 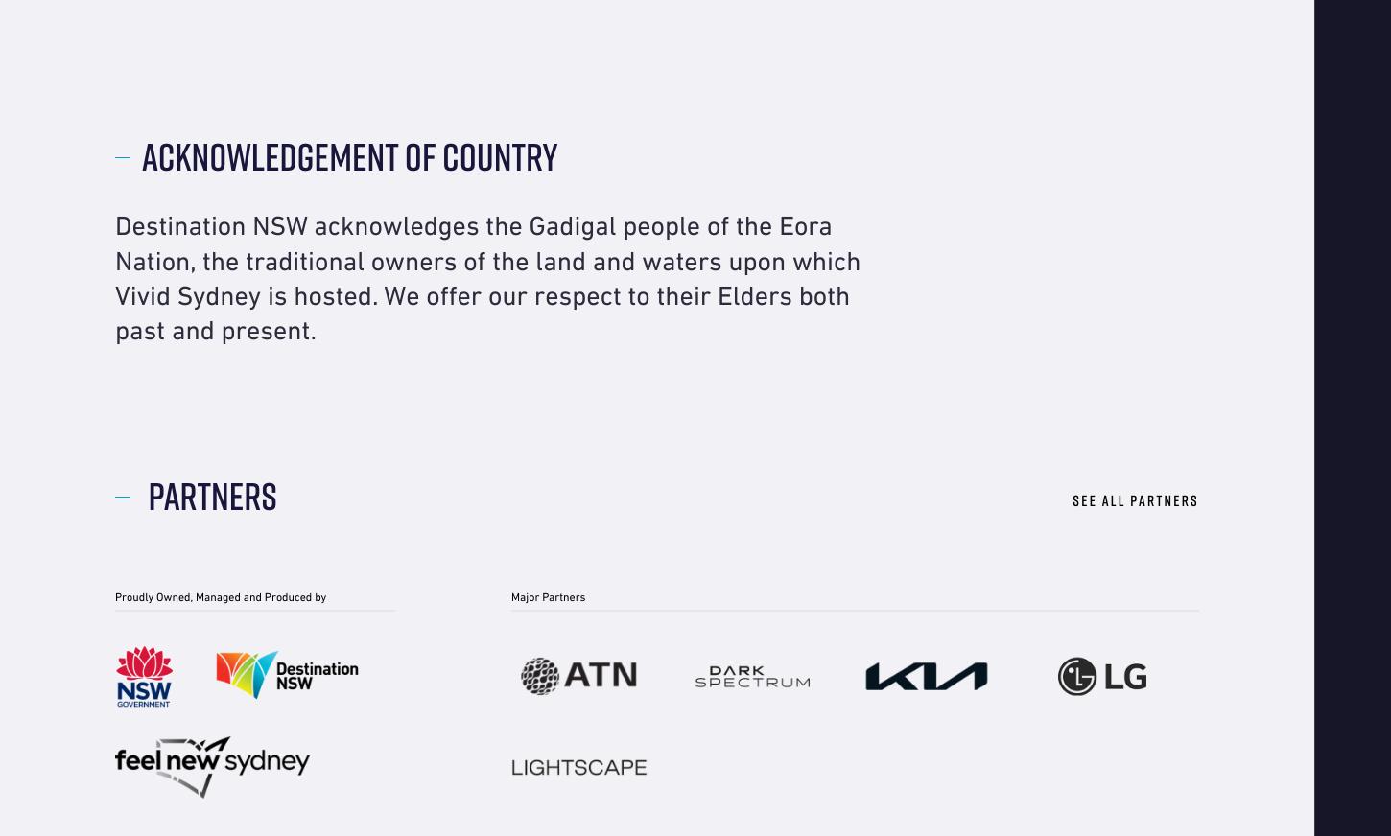 I want to click on 'Privacy', so click(x=1169, y=265).